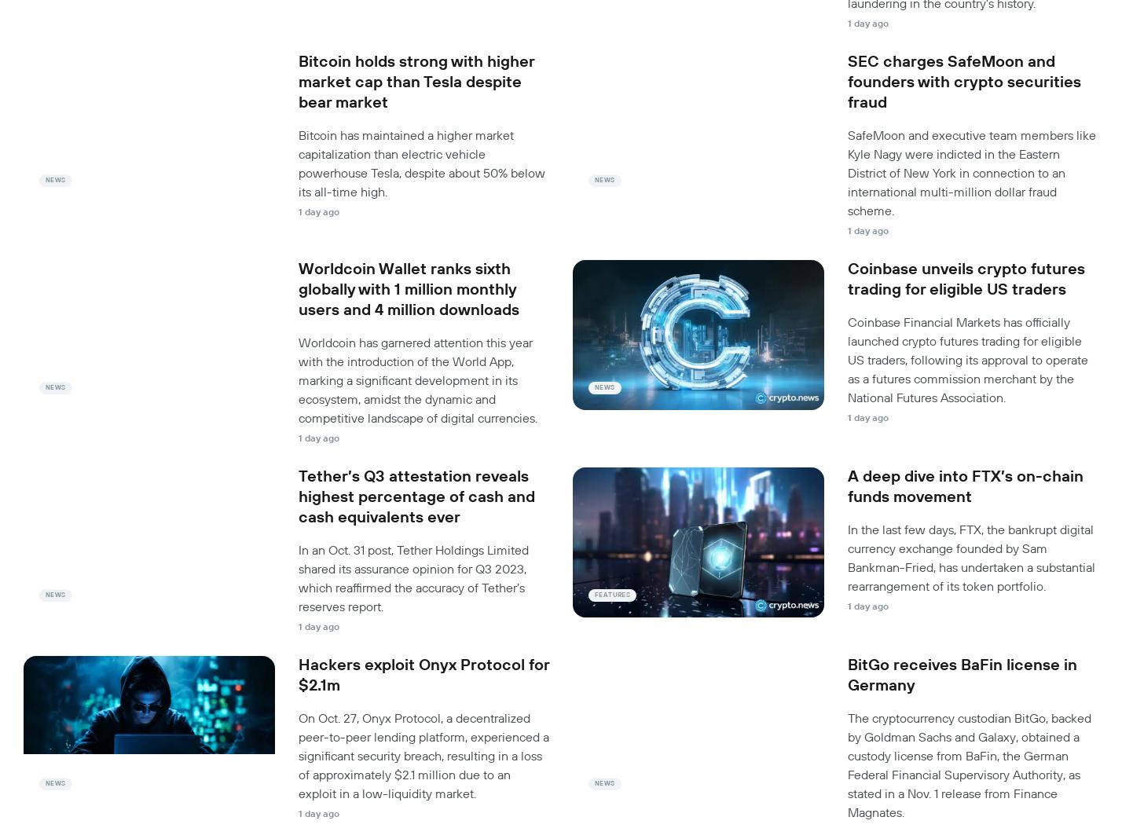 Image resolution: width=1122 pixels, height=828 pixels. Describe the element at coordinates (967, 359) in the screenshot. I see `'Coinbase Financial Markets has officially launched crypto futures trading for eligible US traders, following its approval to operate as a futures commission merchant by the National Futures Association.'` at that location.